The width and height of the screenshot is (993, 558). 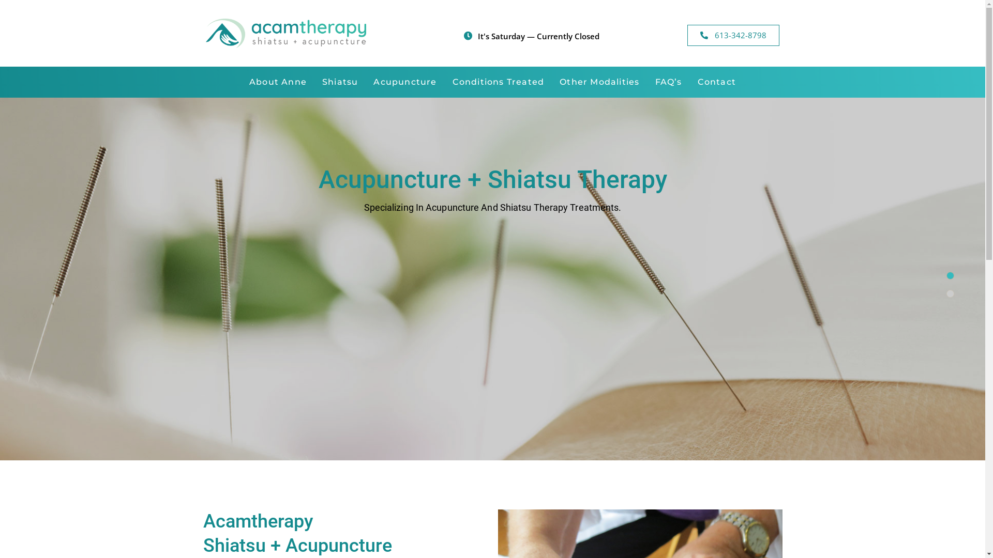 What do you see at coordinates (716, 81) in the screenshot?
I see `'Contact'` at bounding box center [716, 81].